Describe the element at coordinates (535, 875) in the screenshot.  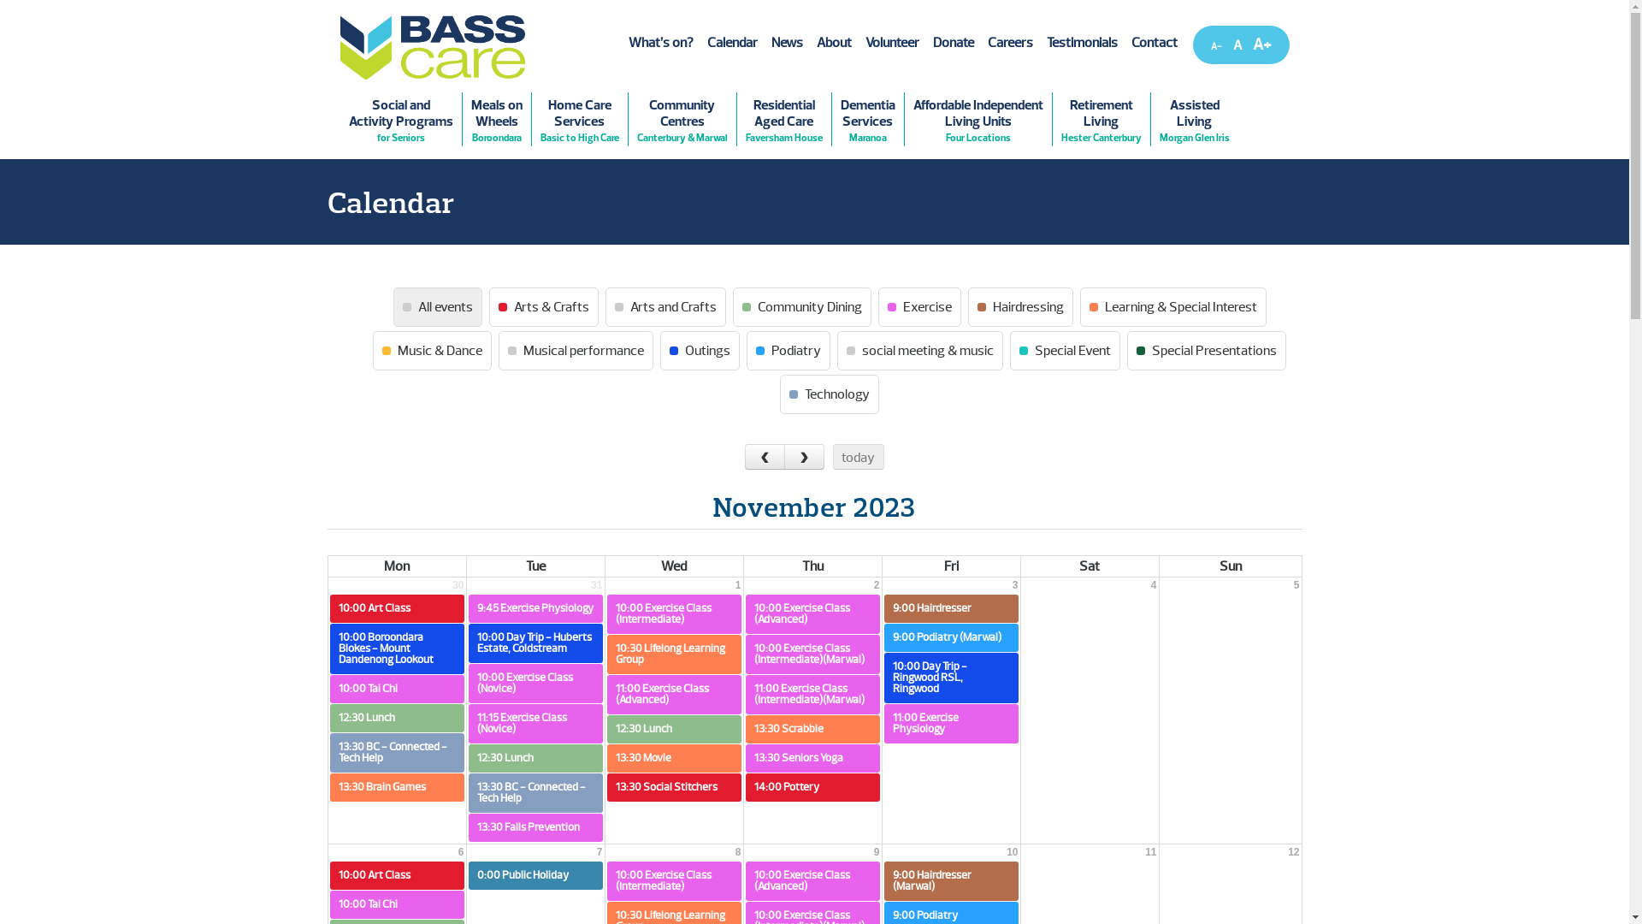
I see `'0:00 Public Holiday` at that location.